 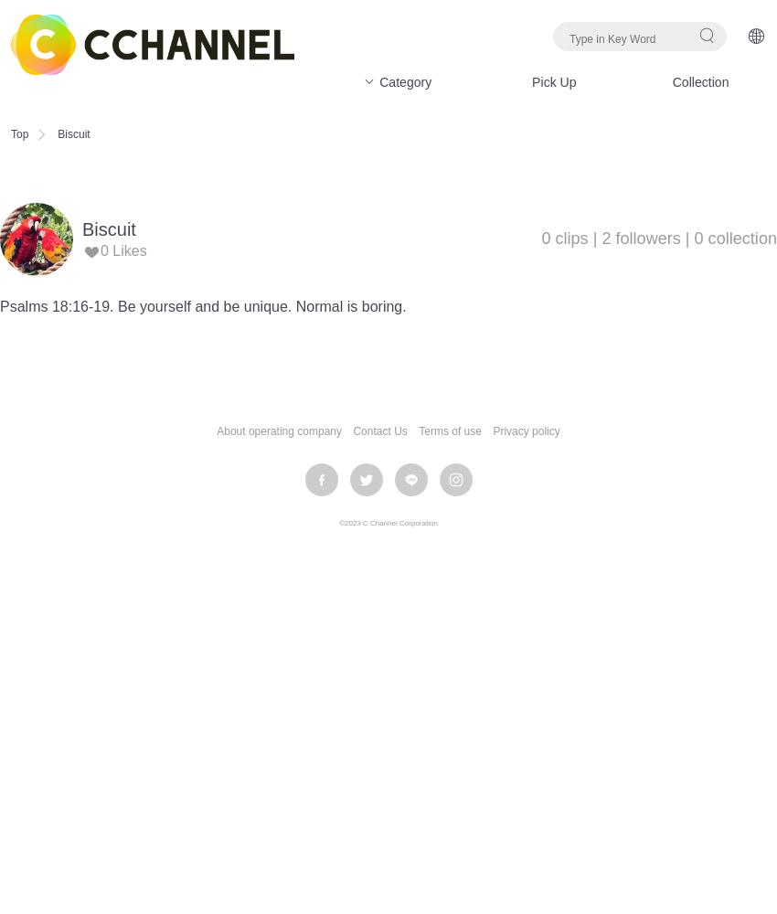 What do you see at coordinates (338, 522) in the screenshot?
I see `'©2023 C Channel Corporation'` at bounding box center [338, 522].